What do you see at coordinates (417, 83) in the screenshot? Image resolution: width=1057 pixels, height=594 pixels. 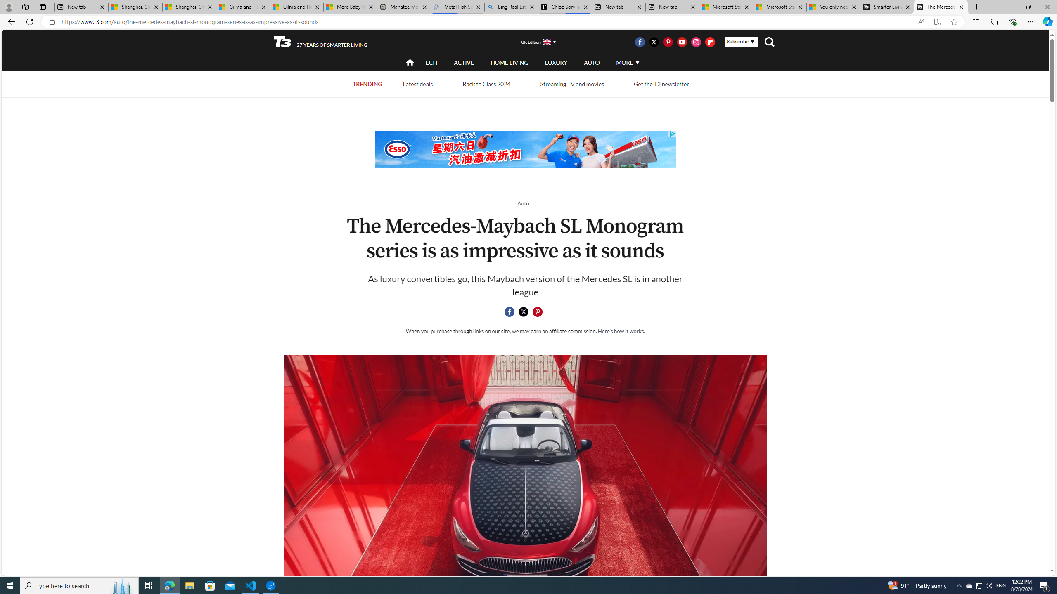 I see `'Latest deals'` at bounding box center [417, 83].